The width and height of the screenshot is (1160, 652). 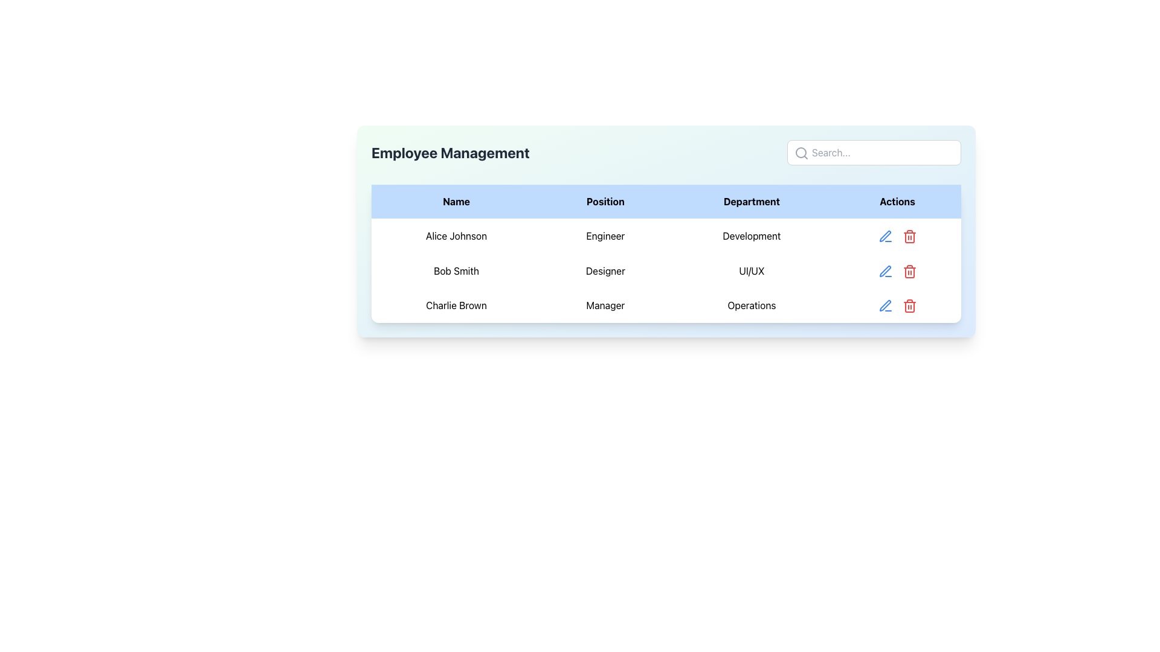 I want to click on the 'Department' header label in the employee management table, which is the third item in the row, positioned between 'Position' and 'Actions', so click(x=751, y=201).